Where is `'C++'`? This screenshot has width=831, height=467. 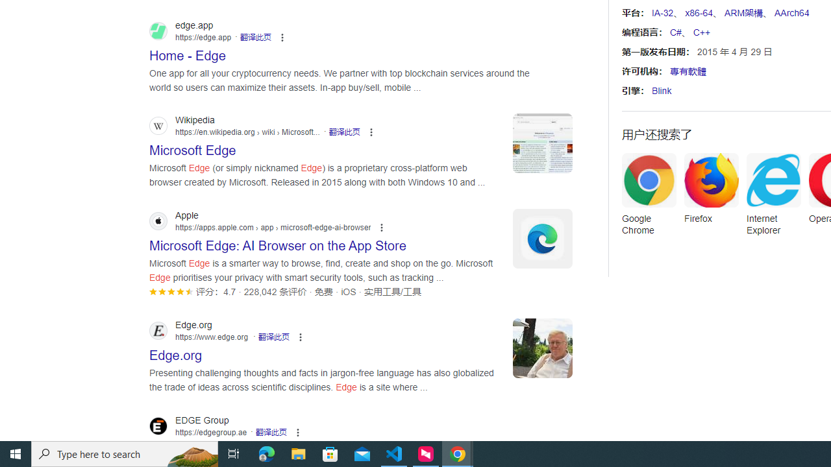
'C++' is located at coordinates (701, 32).